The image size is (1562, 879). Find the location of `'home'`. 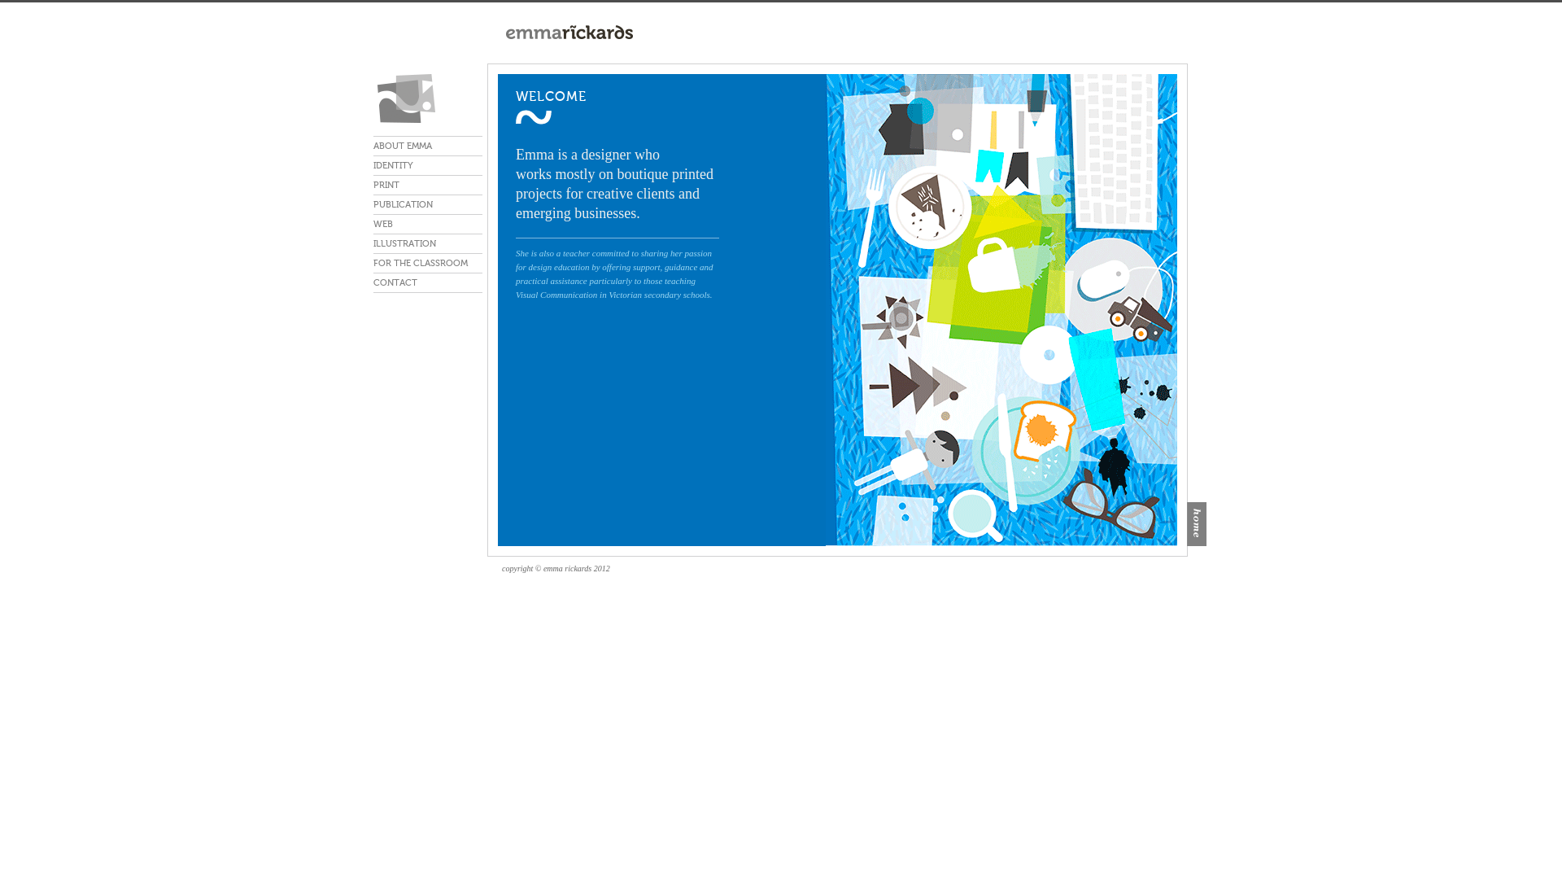

'home' is located at coordinates (1187, 524).